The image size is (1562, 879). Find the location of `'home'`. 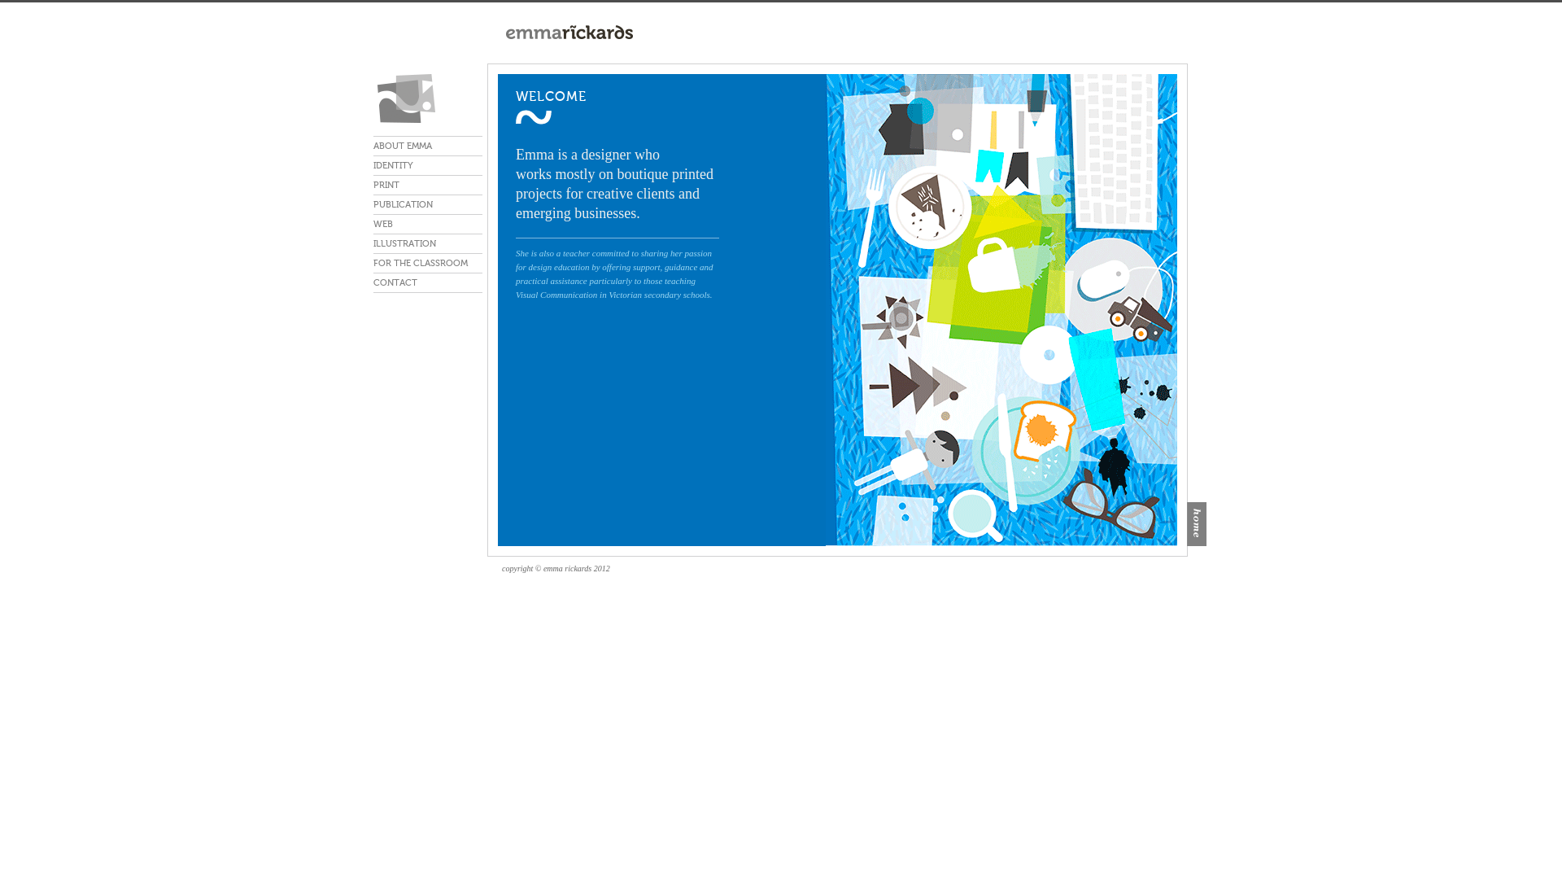

'home' is located at coordinates (1187, 524).